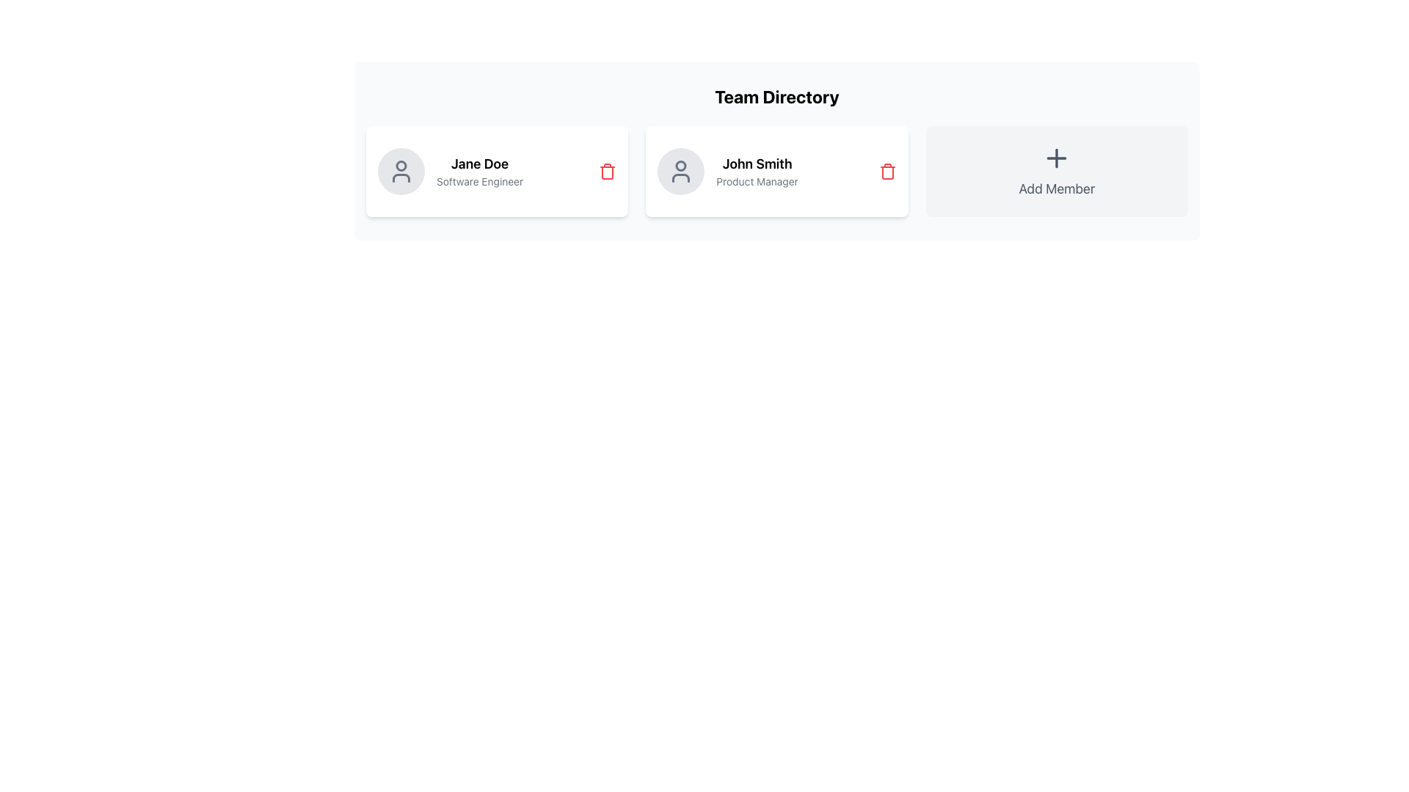  I want to click on the team member card located at the top left side of the 'Team Directory', which displays the member's name and designation, so click(497, 171).